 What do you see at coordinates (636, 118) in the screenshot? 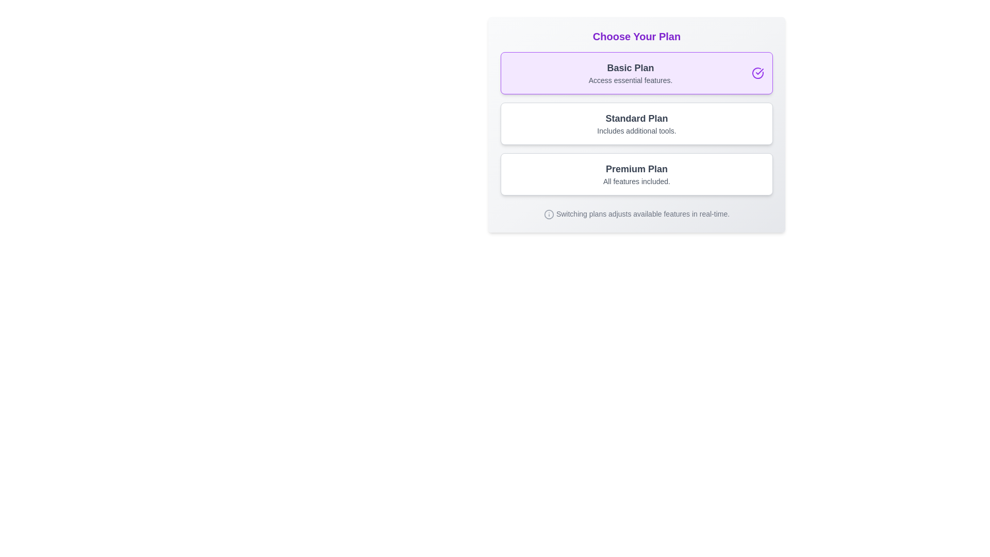
I see `the 'Standard Plan' label, which displays the text in bold and medium-large dark gray font, located centrally on the second plan option card` at bounding box center [636, 118].